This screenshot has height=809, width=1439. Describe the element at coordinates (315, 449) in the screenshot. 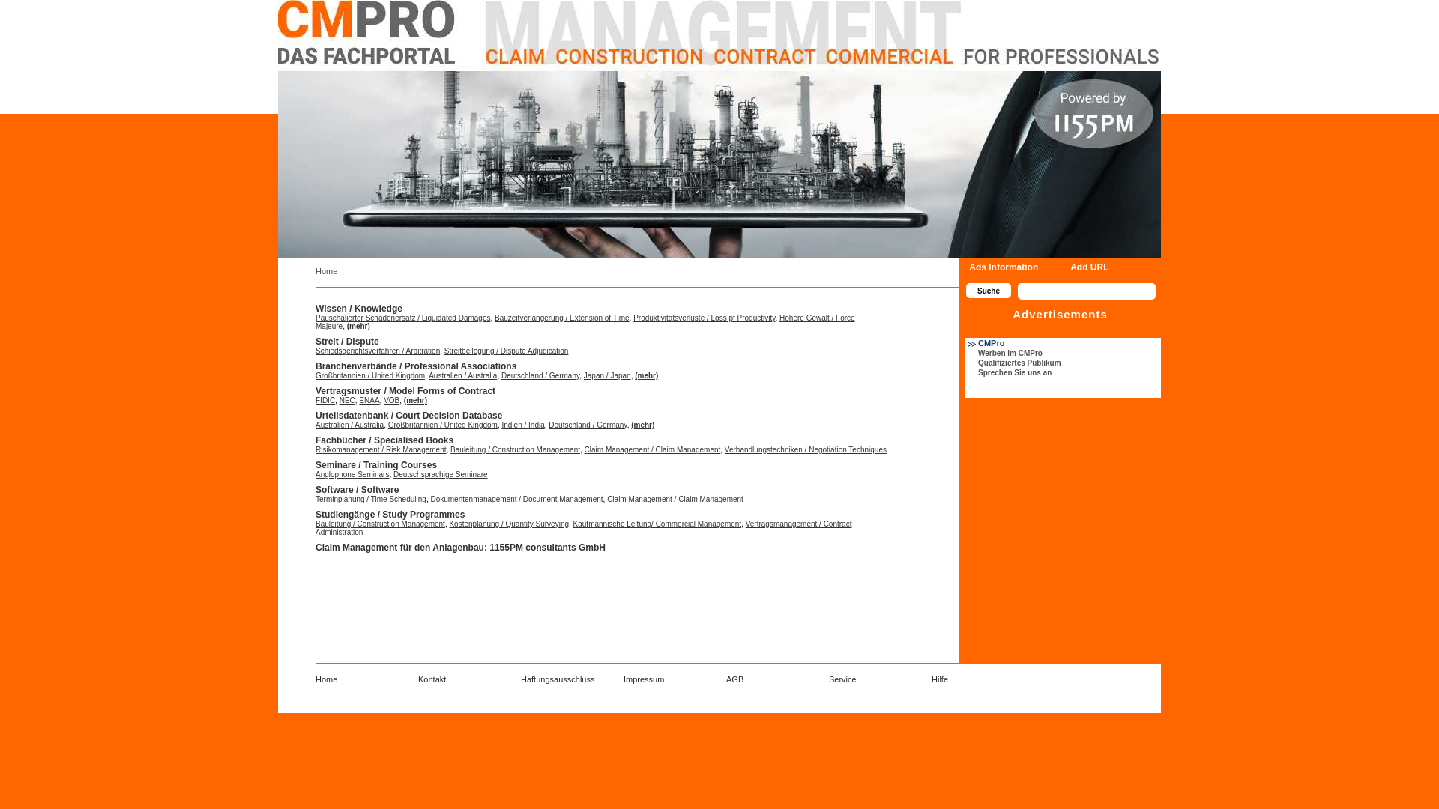

I see `'Risikomanagement / Risk Management'` at that location.